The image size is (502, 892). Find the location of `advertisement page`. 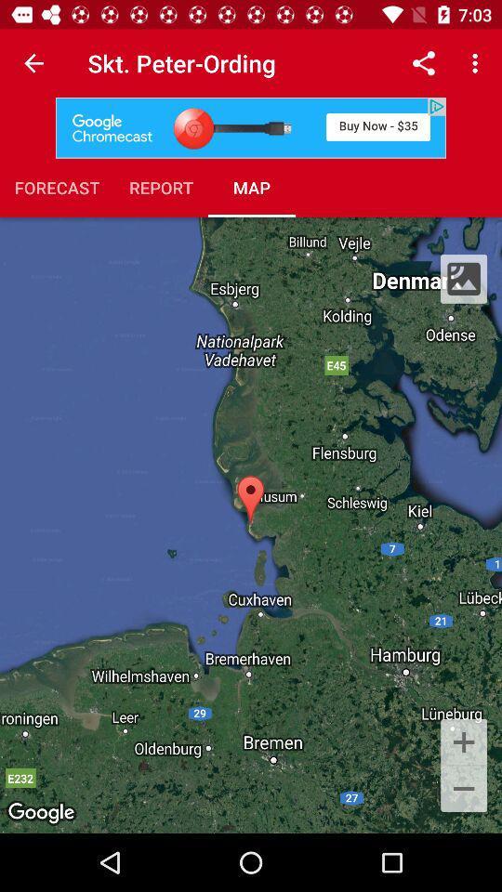

advertisement page is located at coordinates (251, 126).